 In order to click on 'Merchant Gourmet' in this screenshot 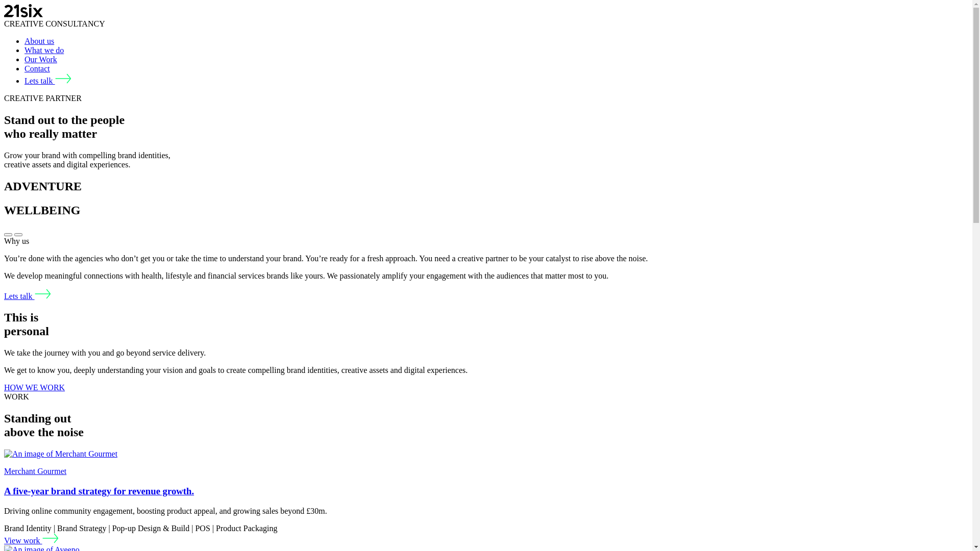, I will do `click(35, 471)`.